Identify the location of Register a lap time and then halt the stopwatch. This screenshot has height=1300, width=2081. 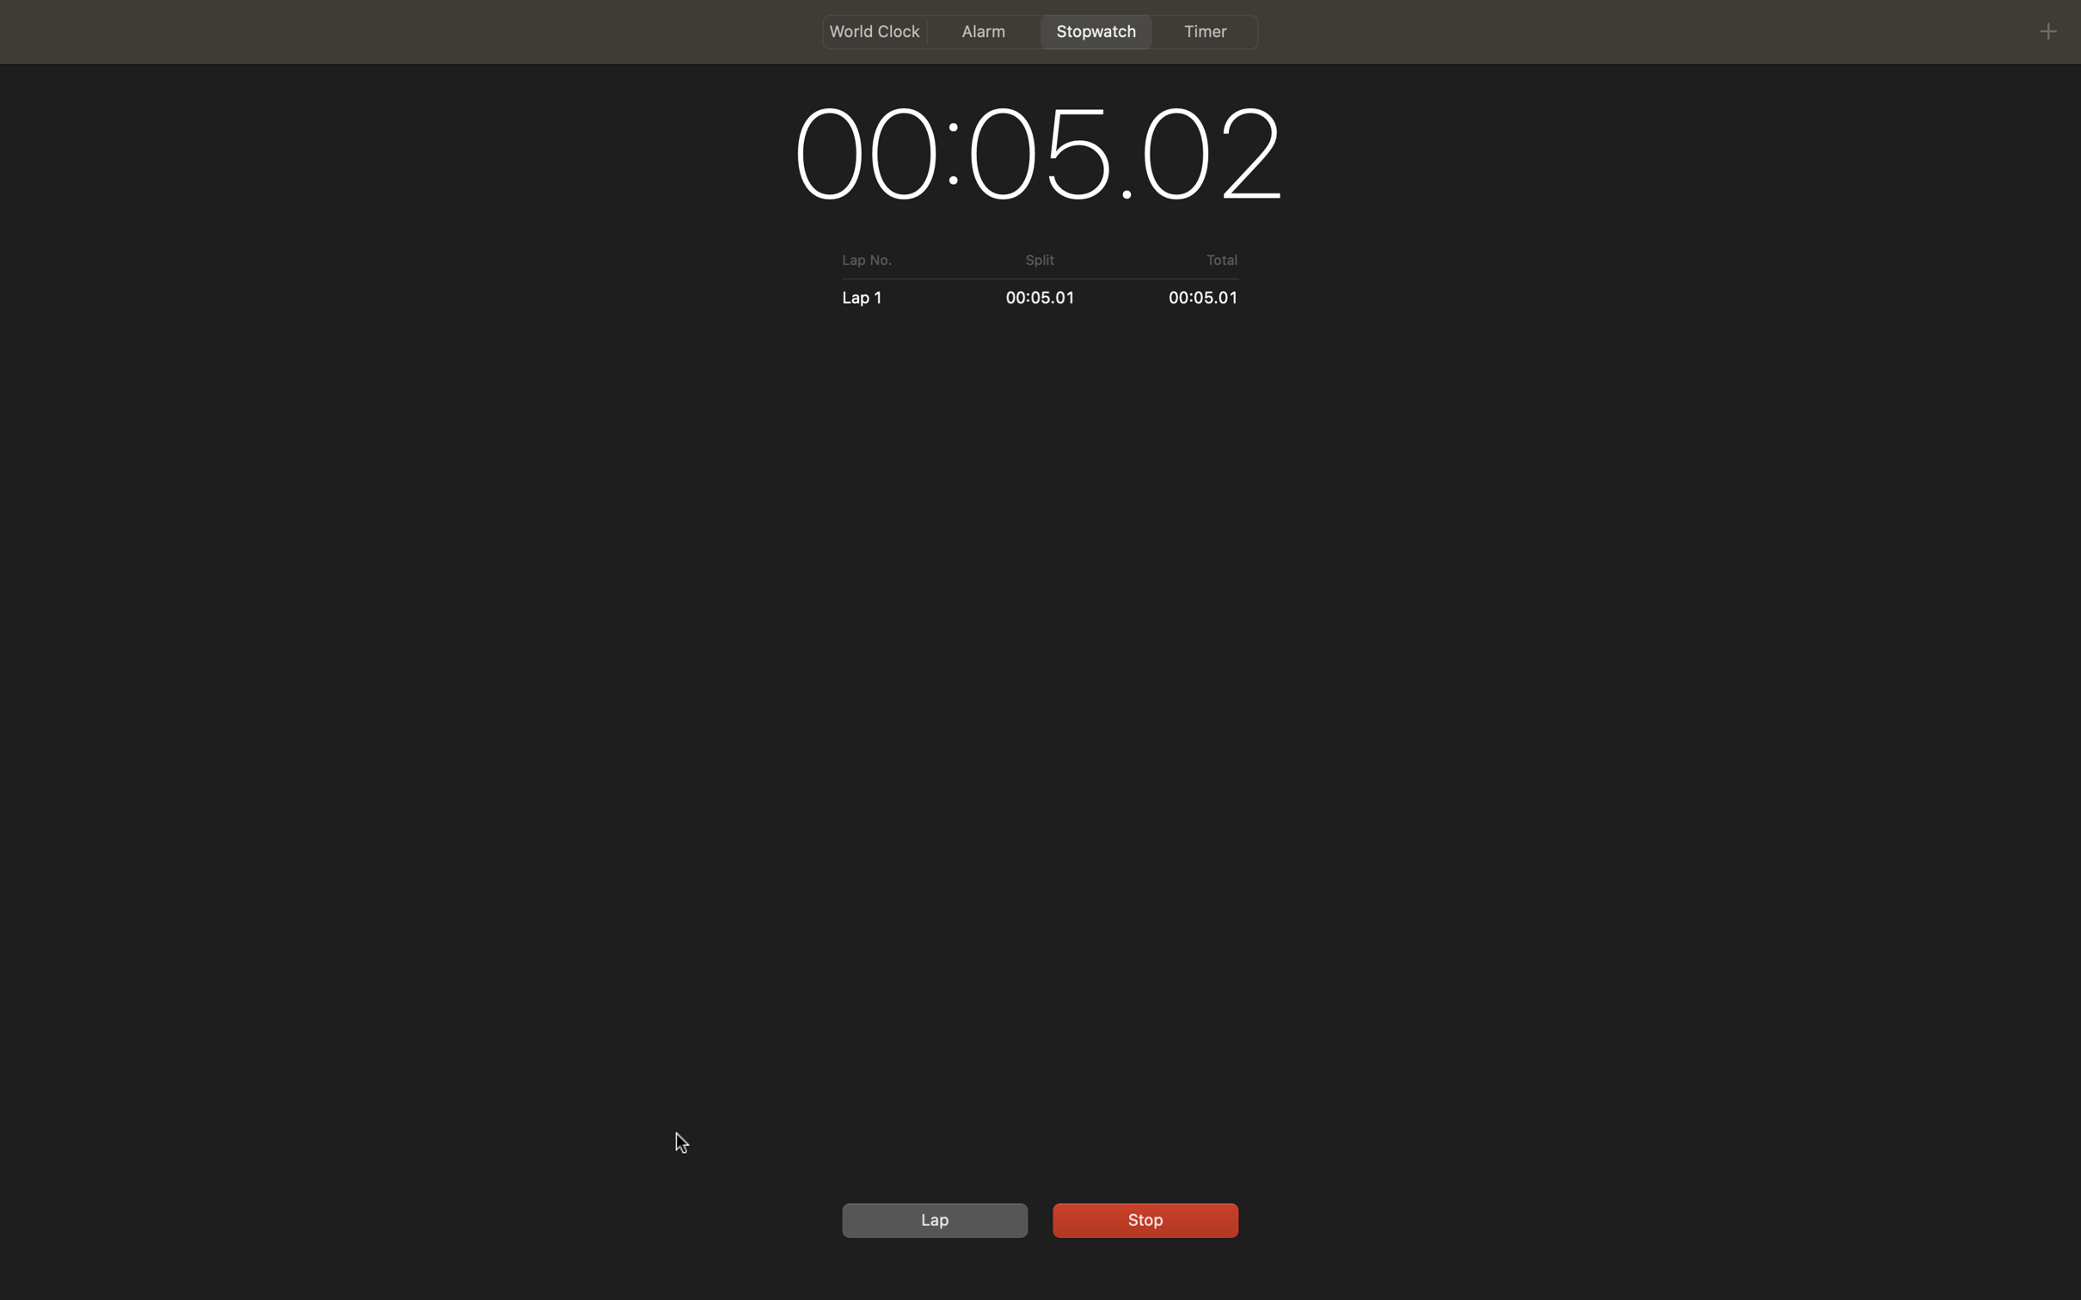
(931, 1219).